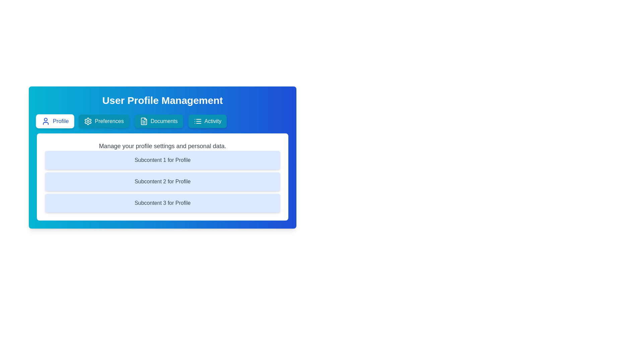 The height and width of the screenshot is (362, 643). I want to click on the 'Preferences' button, which is styled with a cyan background and white text, to observe any hover effects, so click(103, 121).